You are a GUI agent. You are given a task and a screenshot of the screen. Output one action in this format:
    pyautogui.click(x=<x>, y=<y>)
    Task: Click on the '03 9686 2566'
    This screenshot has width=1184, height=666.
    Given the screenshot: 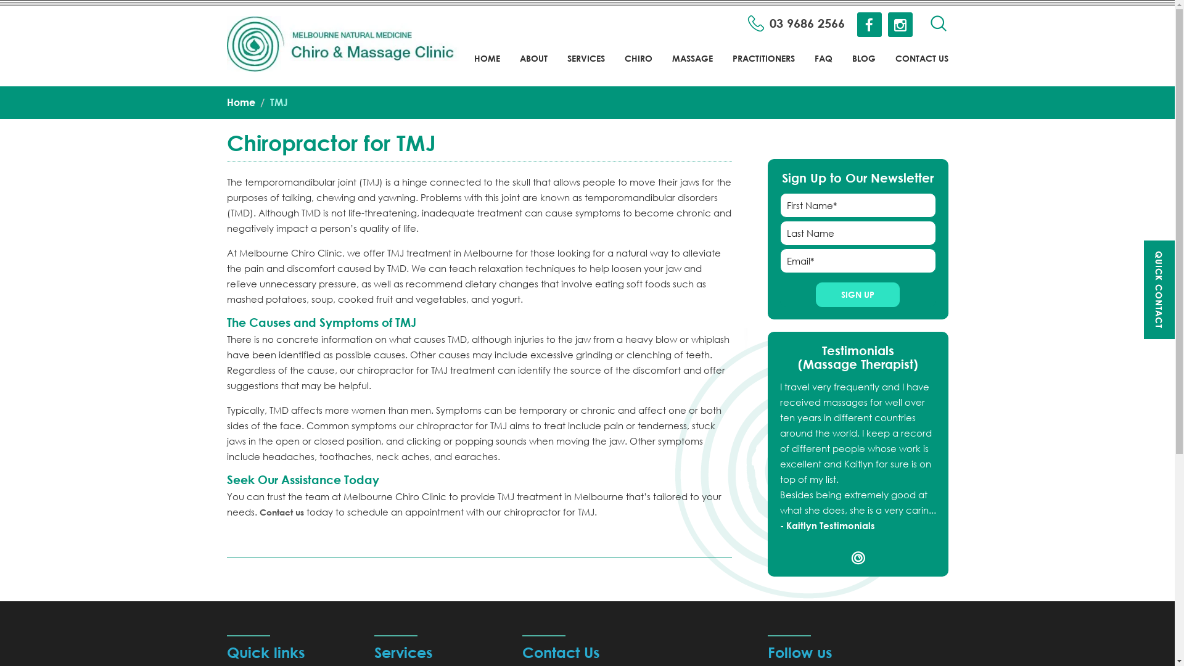 What is the action you would take?
    pyautogui.click(x=796, y=23)
    